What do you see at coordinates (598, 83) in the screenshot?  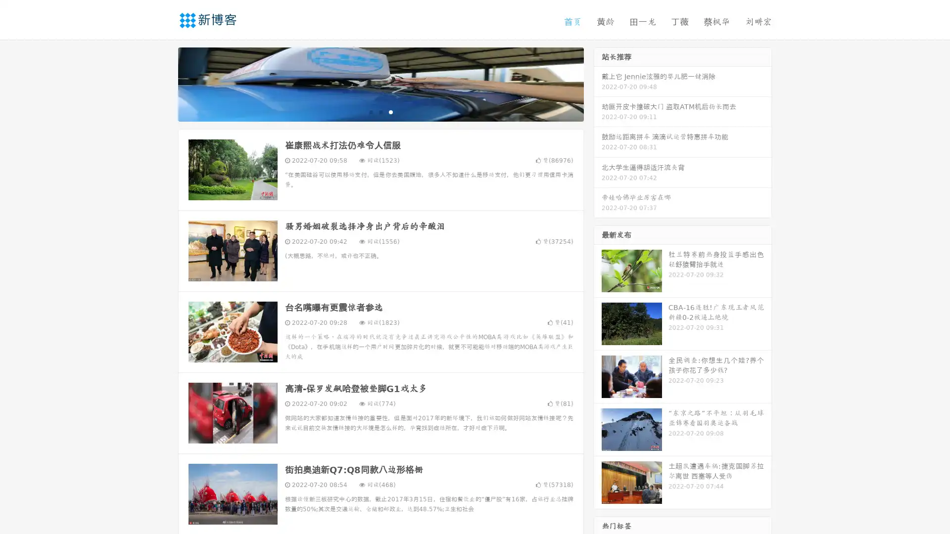 I see `Next slide` at bounding box center [598, 83].